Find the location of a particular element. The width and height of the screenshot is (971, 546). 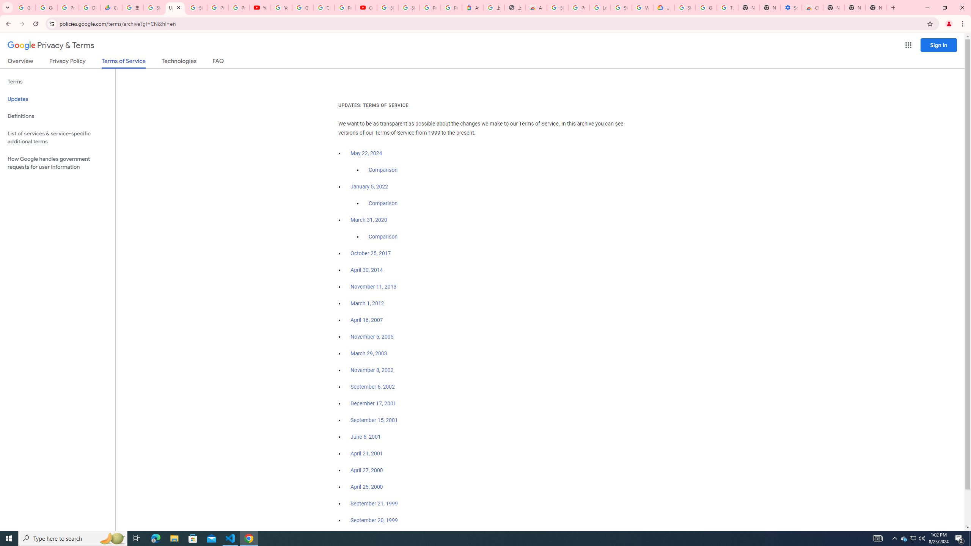

'List of services & service-specific additional terms' is located at coordinates (57, 137).